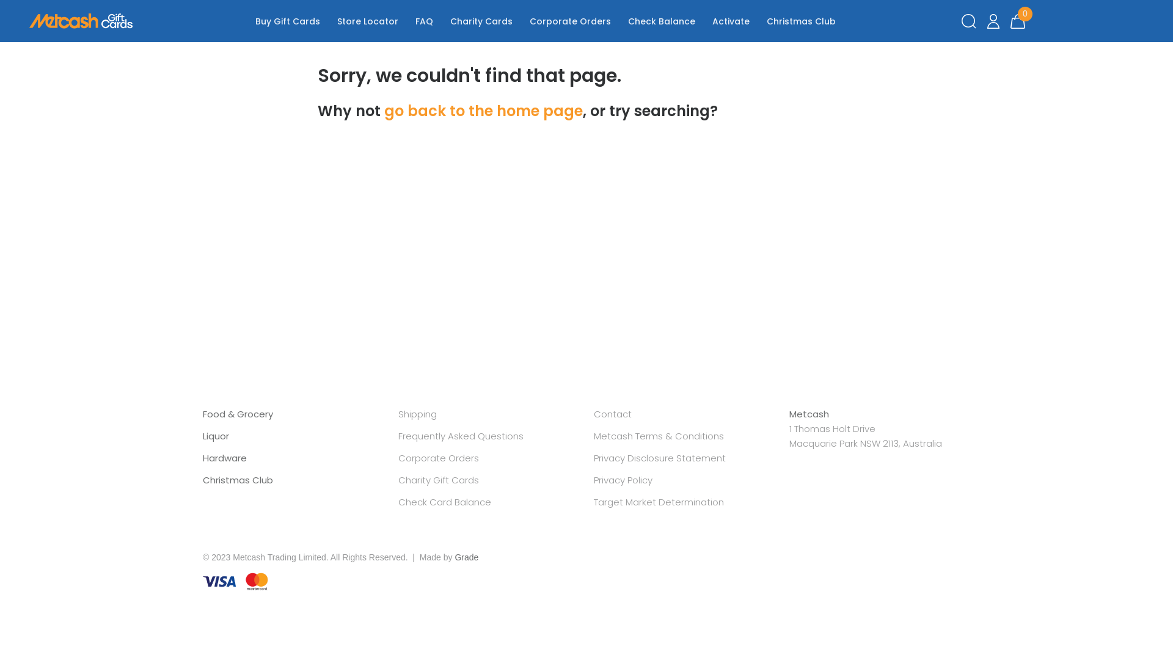 The width and height of the screenshot is (1173, 660). Describe the element at coordinates (659, 458) in the screenshot. I see `'Privacy Disclosure Statement'` at that location.